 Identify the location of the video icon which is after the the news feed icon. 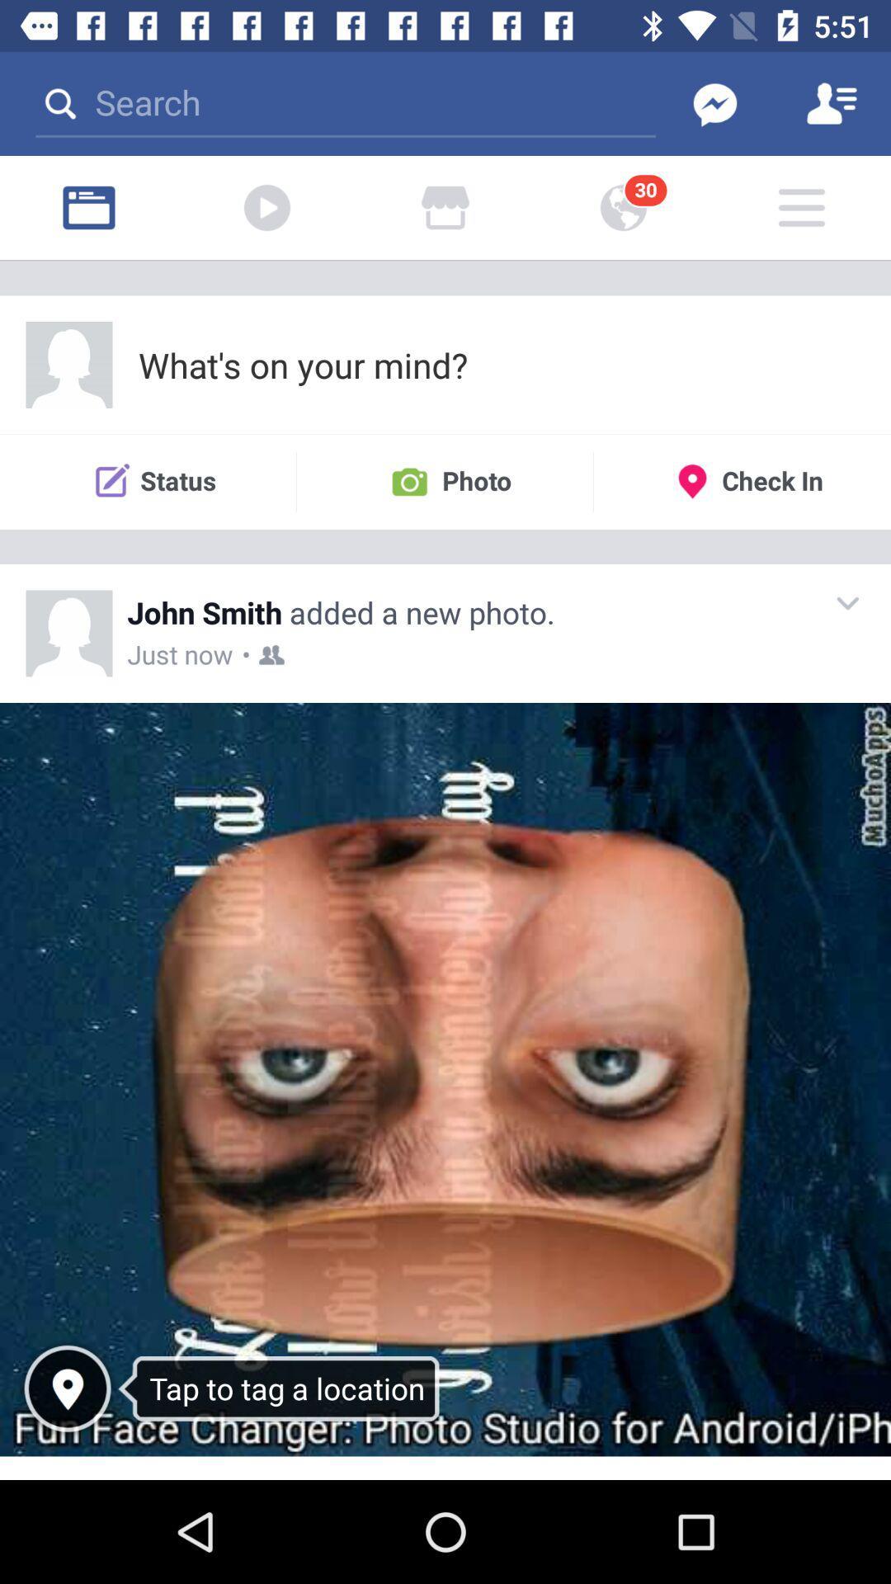
(266, 207).